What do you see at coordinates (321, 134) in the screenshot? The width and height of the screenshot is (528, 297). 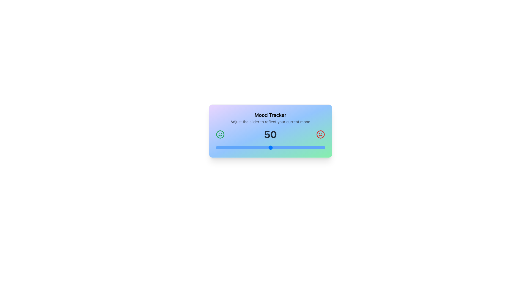 I see `the red frowning face icon located in the 'Mood Tracker' interface box, positioned to the far-right side and aligned horizontally with the numerical value '50'` at bounding box center [321, 134].